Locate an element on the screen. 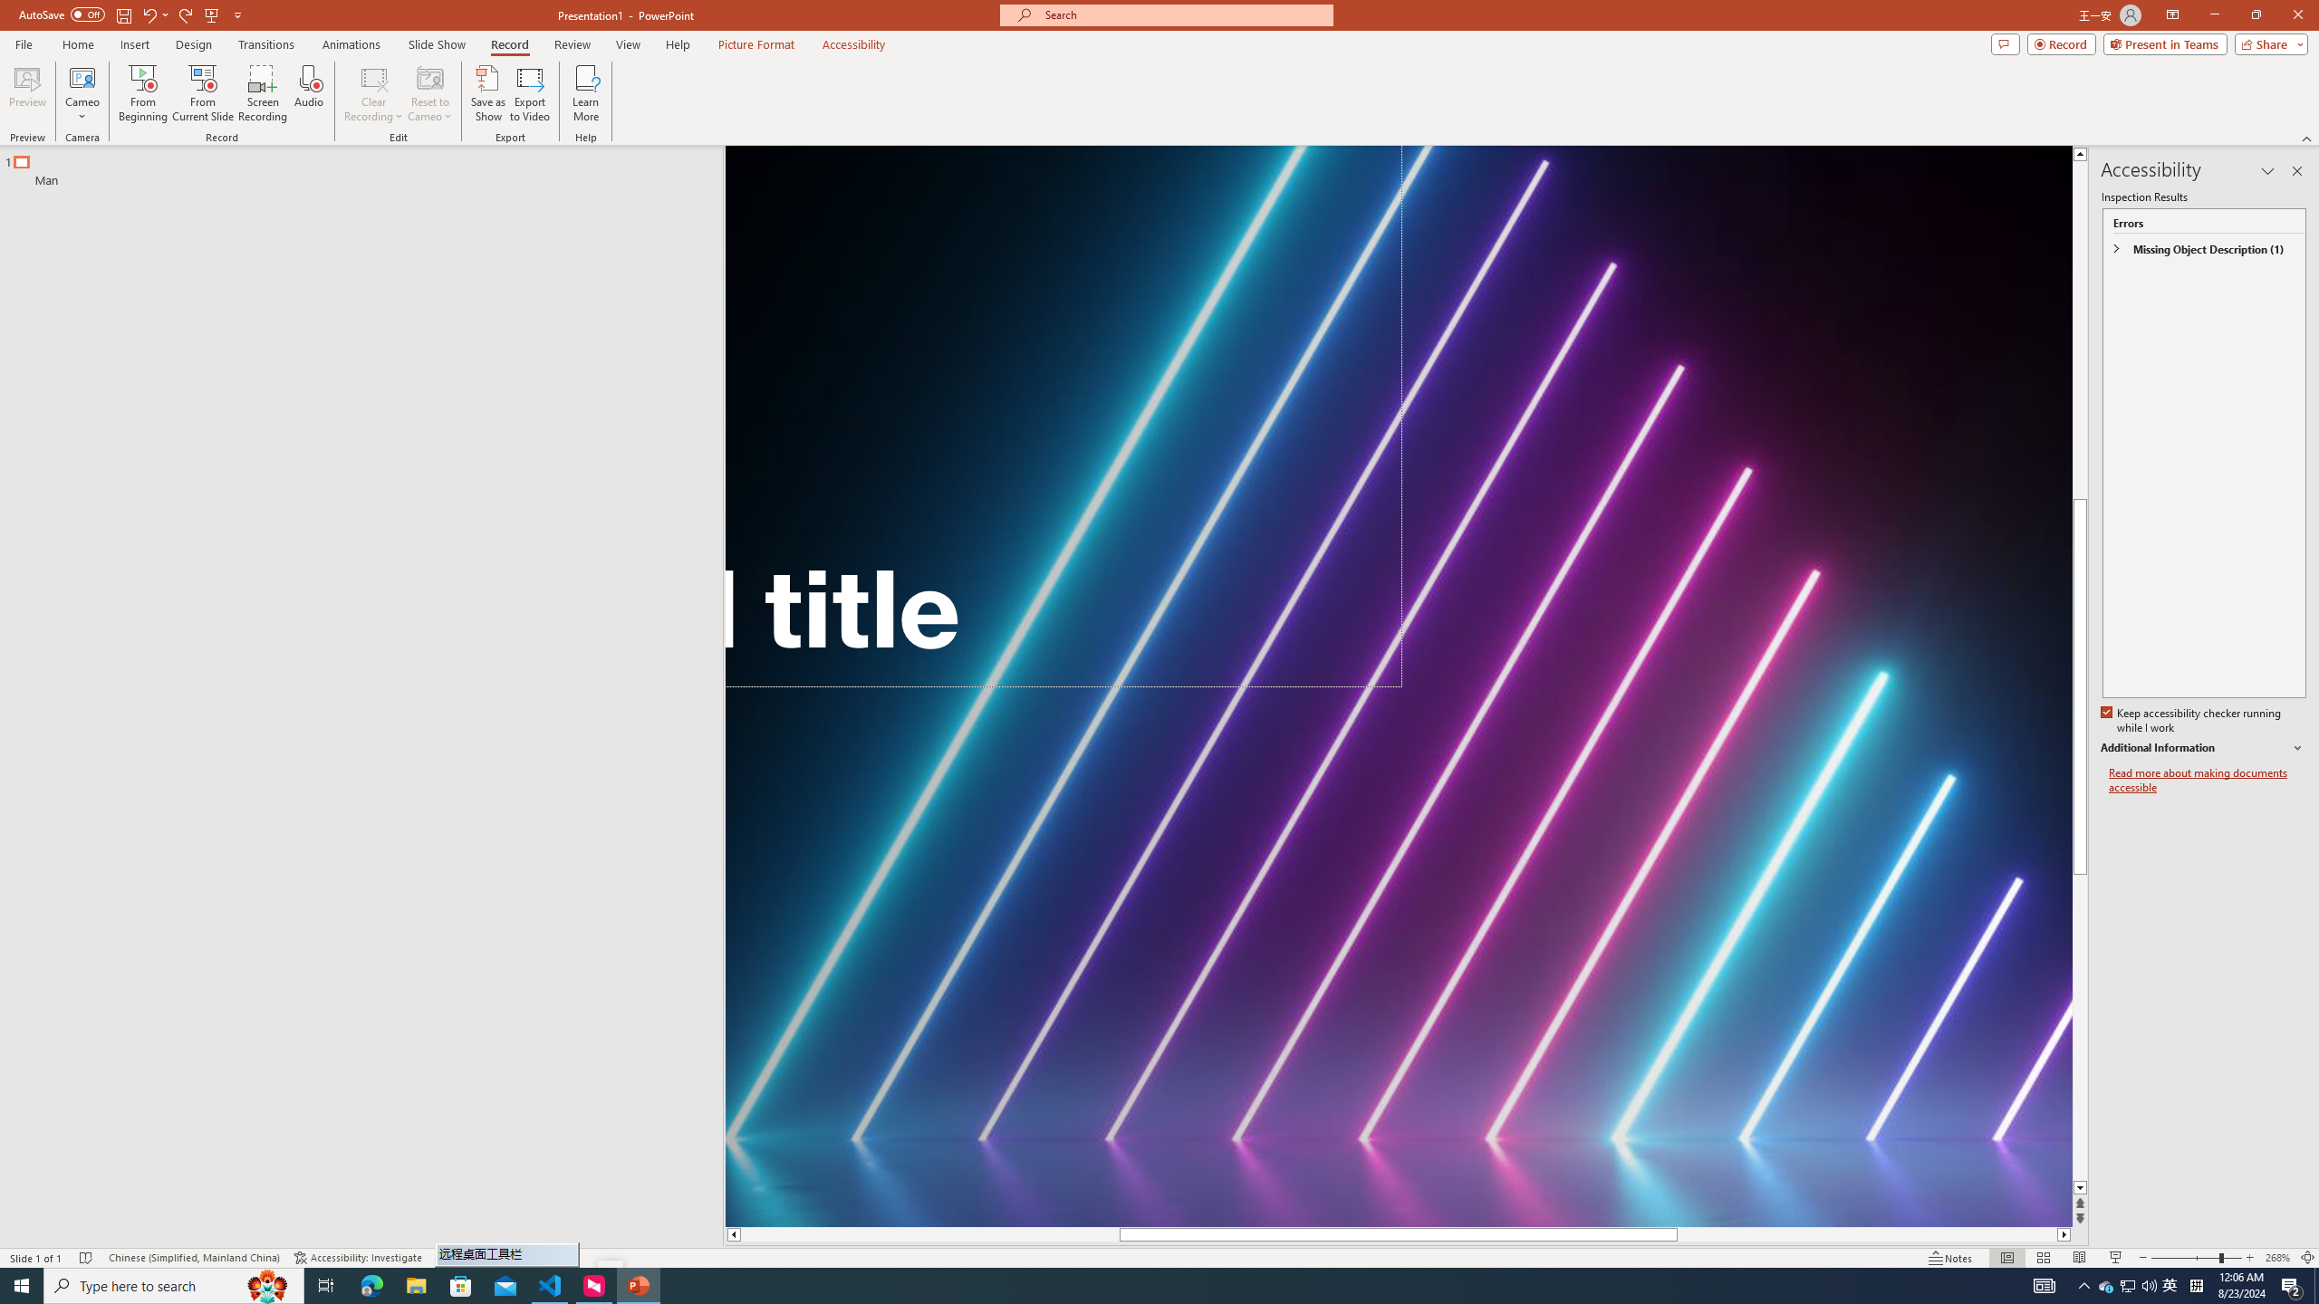  'Cameo' is located at coordinates (81, 76).